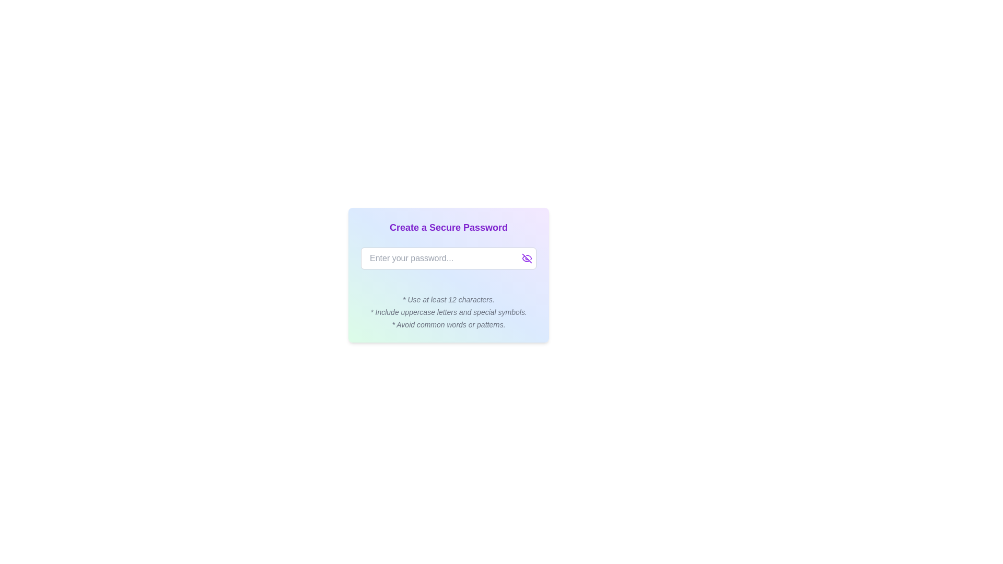 This screenshot has width=1003, height=564. I want to click on the text label that states '* Use at least 12 characters.' which is styled in italicized, gray, small font and located below the password input field, so click(449, 300).